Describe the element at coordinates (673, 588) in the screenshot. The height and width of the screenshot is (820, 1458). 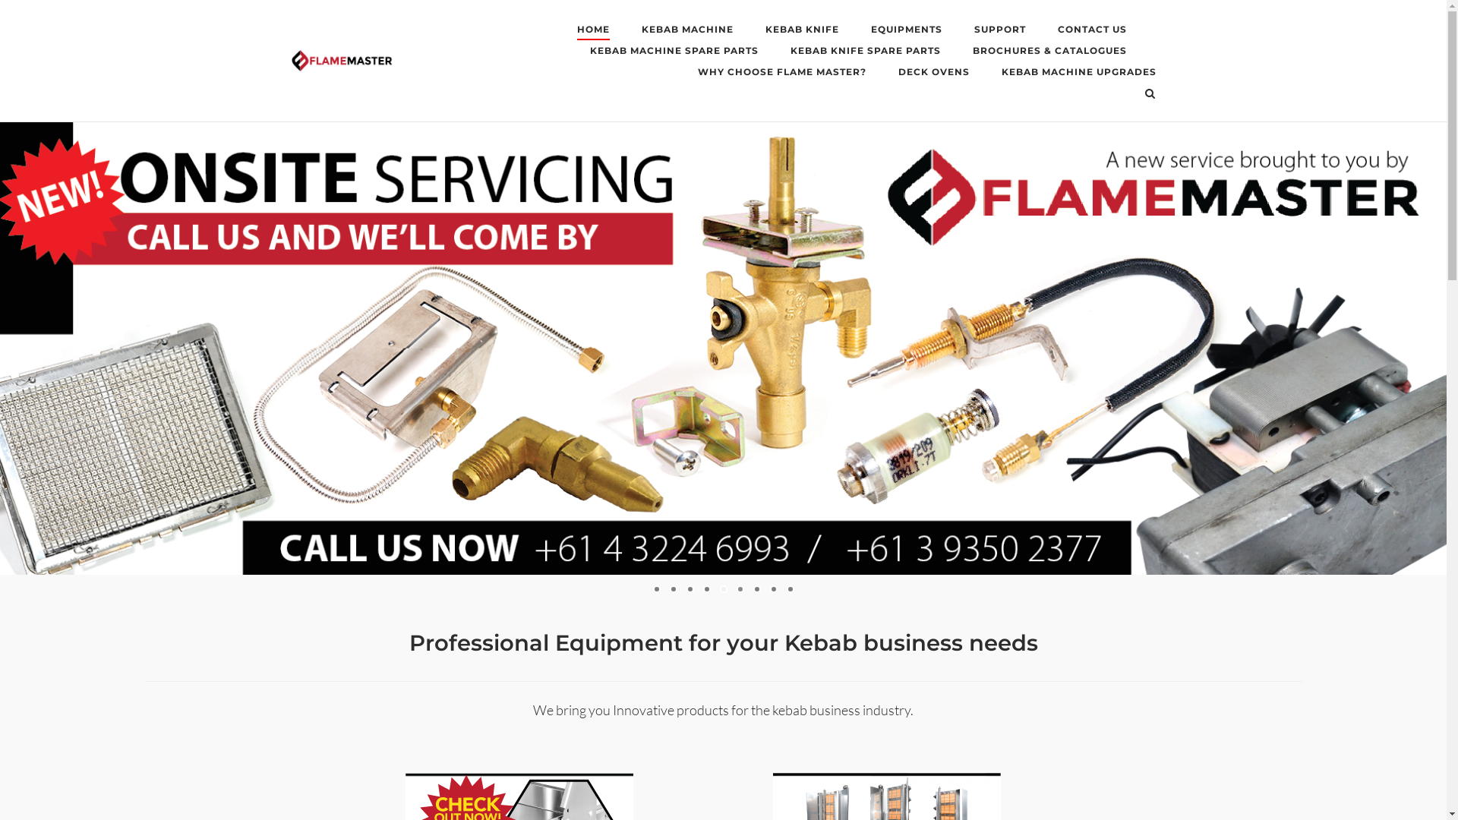
I see `'2'` at that location.